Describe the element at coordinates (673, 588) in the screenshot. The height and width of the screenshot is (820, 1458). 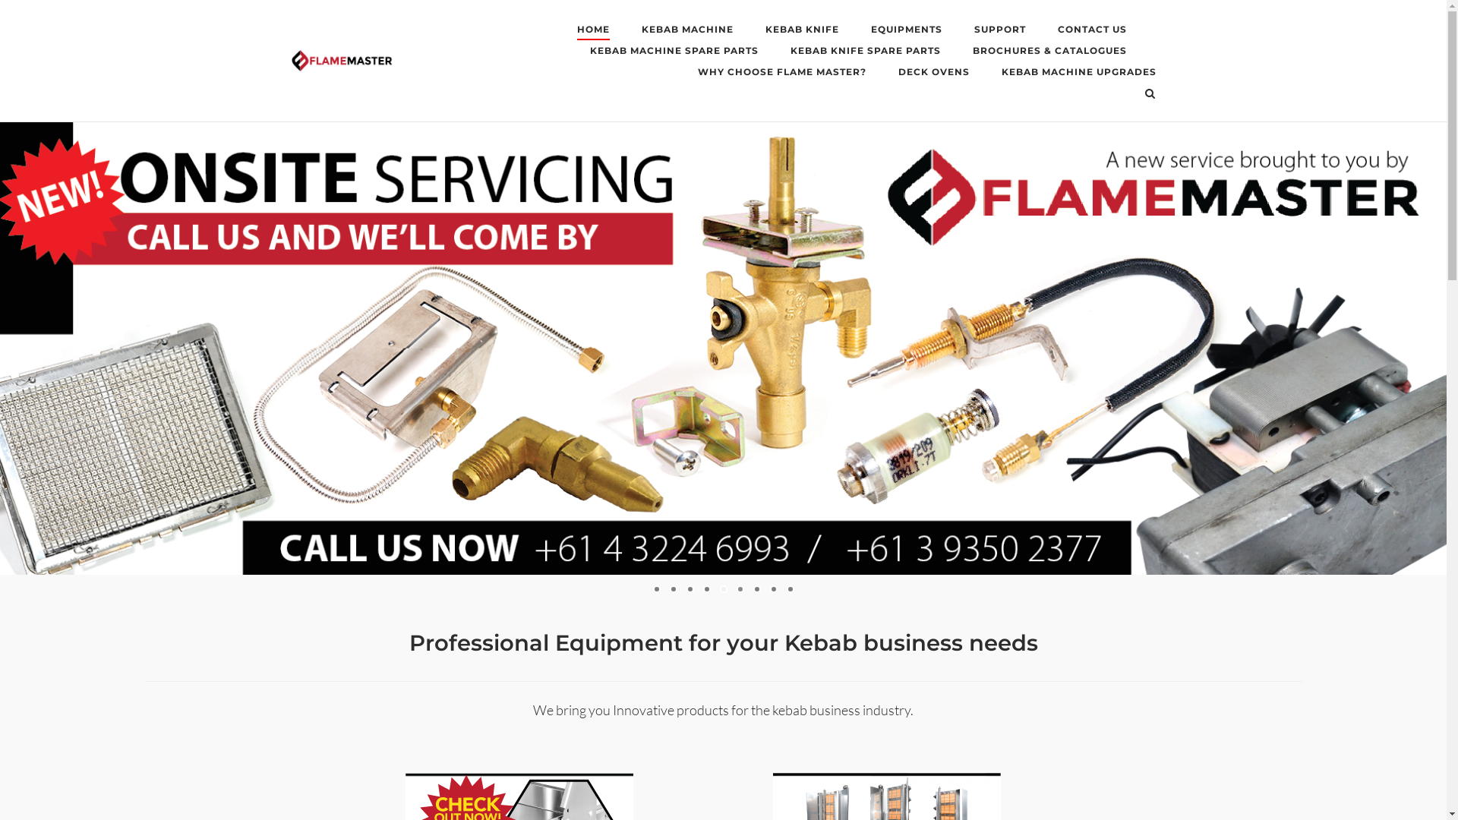
I see `'2'` at that location.